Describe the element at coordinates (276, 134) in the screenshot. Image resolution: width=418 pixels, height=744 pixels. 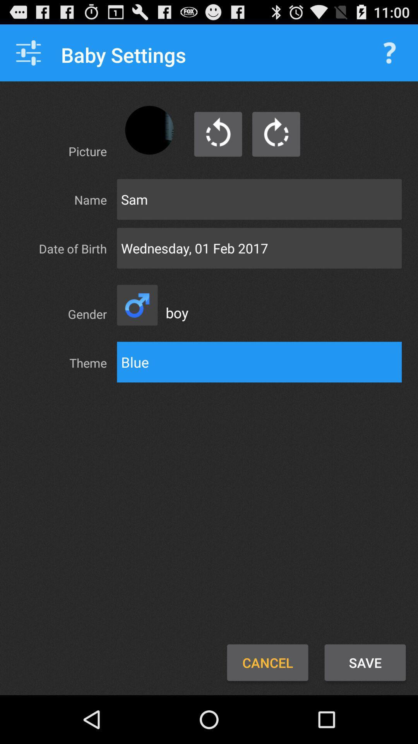
I see `tu pequeo siempre vigilado` at that location.